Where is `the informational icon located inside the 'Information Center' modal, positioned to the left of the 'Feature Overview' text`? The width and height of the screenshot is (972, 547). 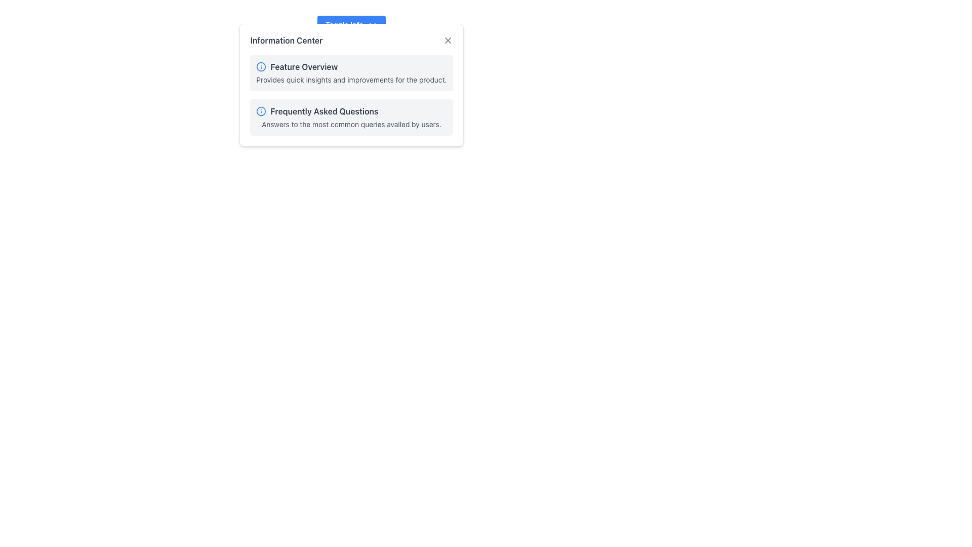 the informational icon located inside the 'Information Center' modal, positioned to the left of the 'Feature Overview' text is located at coordinates (261, 66).